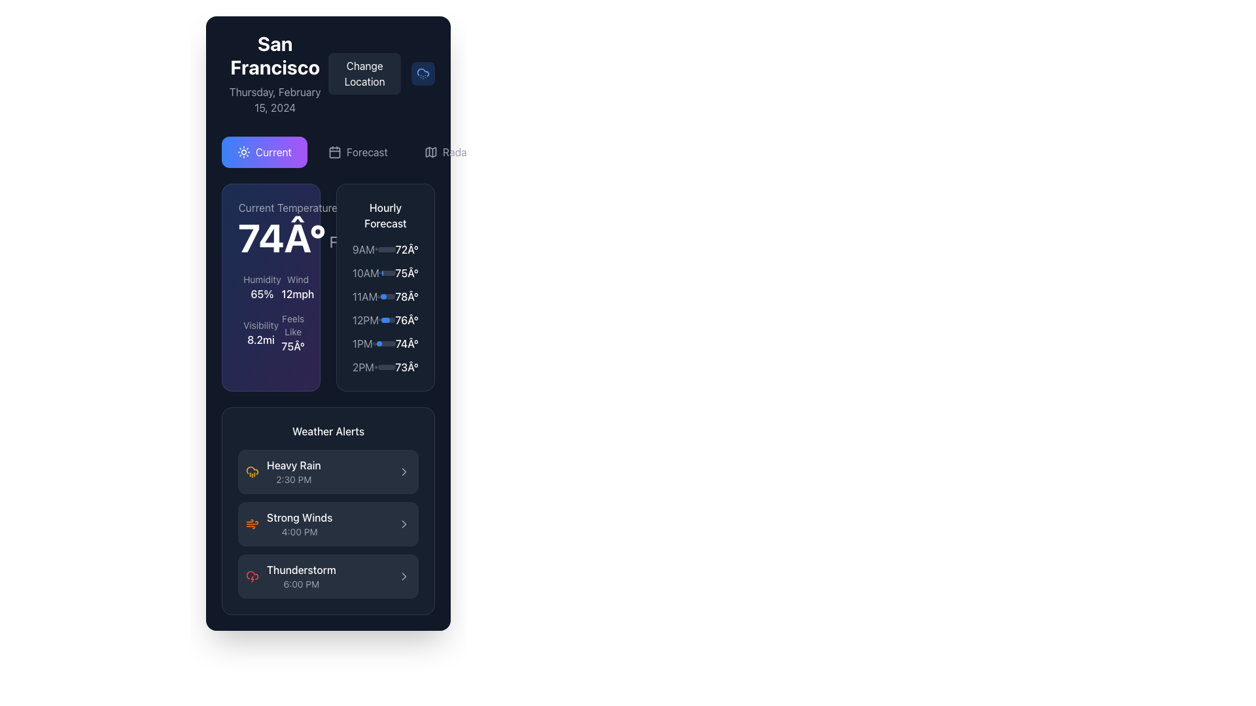 The width and height of the screenshot is (1256, 706). Describe the element at coordinates (292, 324) in the screenshot. I see `the static text label reading 'Feels Like', styled in small gray font, located below the visibility metric and above the temperature notation` at that location.